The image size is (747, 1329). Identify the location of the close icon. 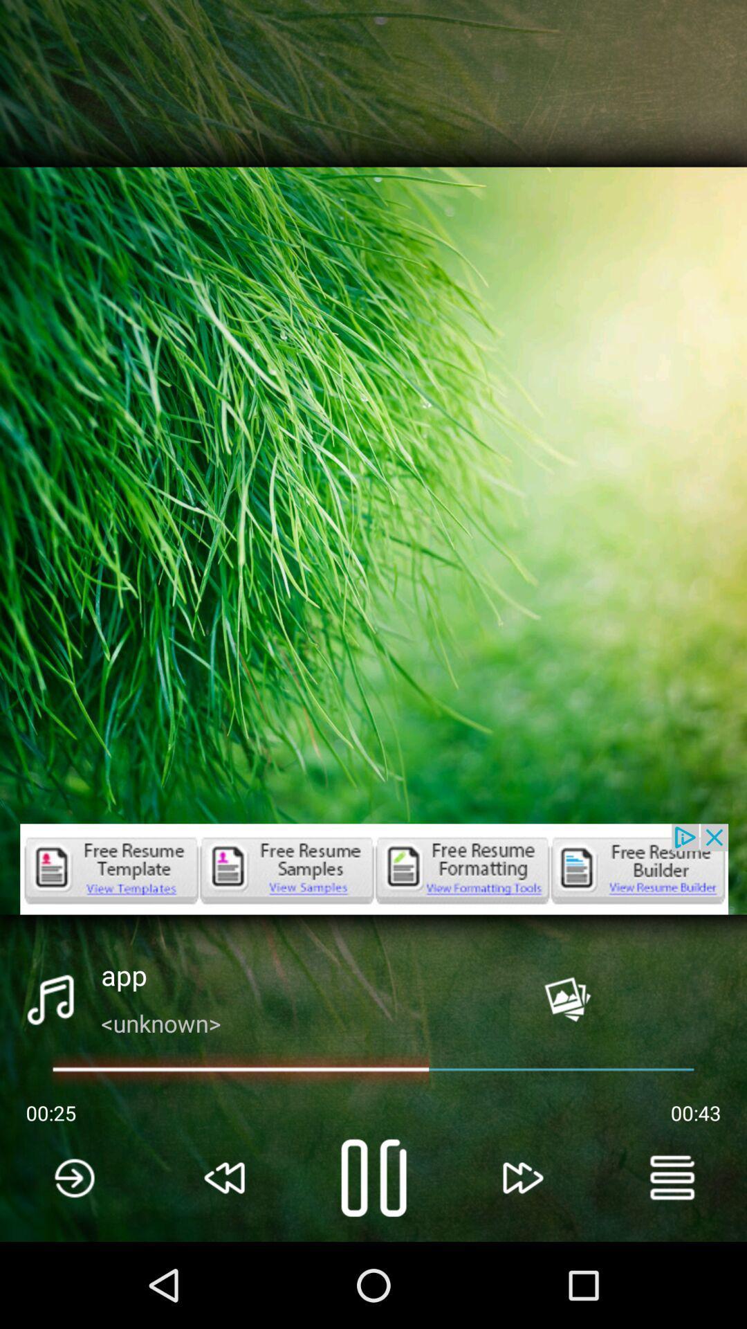
(686, 999).